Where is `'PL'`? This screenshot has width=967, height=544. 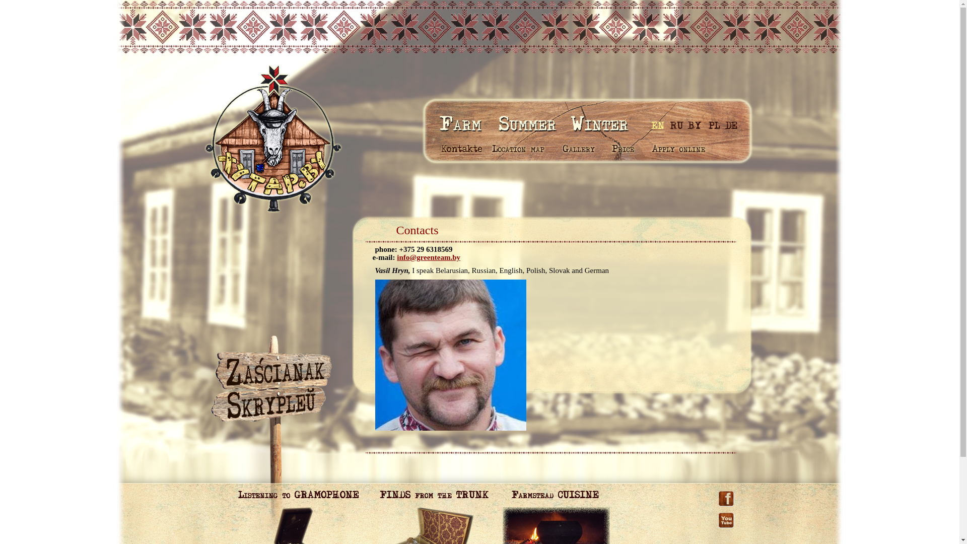
'PL' is located at coordinates (713, 124).